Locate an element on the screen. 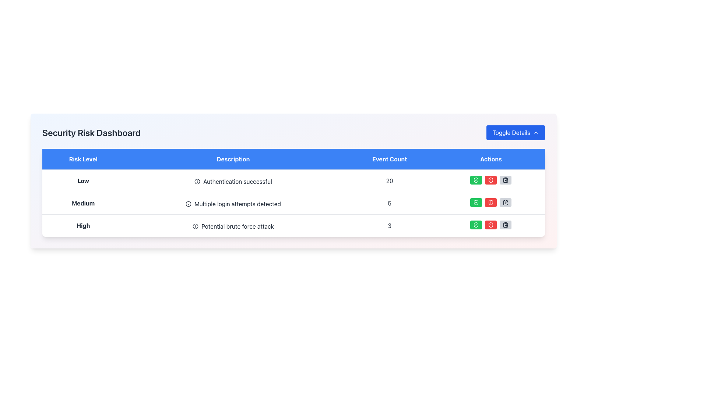  the informational indicator icon located in the 'Description' column of the second row, which corresponds to the 'Medium Risk Level' is located at coordinates (189, 204).